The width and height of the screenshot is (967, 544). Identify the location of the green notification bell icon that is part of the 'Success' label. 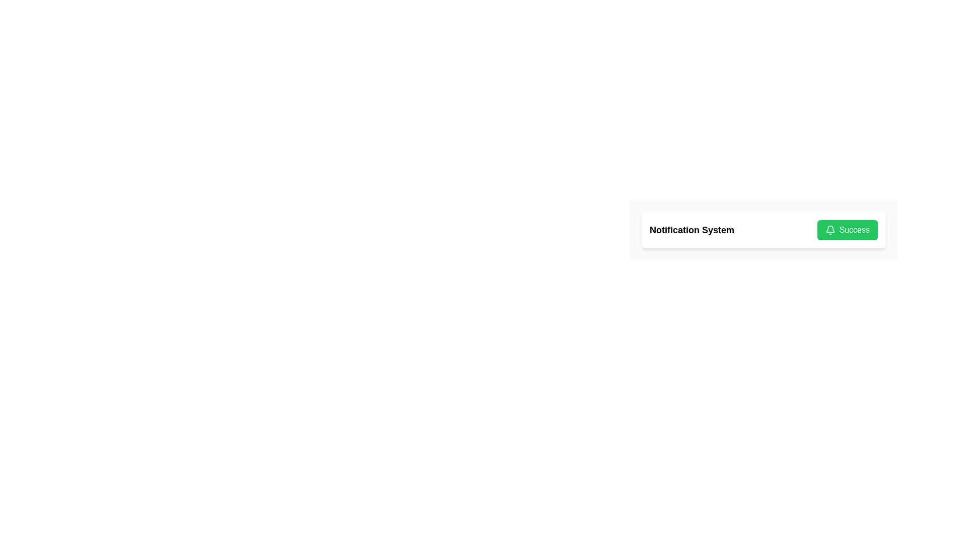
(830, 229).